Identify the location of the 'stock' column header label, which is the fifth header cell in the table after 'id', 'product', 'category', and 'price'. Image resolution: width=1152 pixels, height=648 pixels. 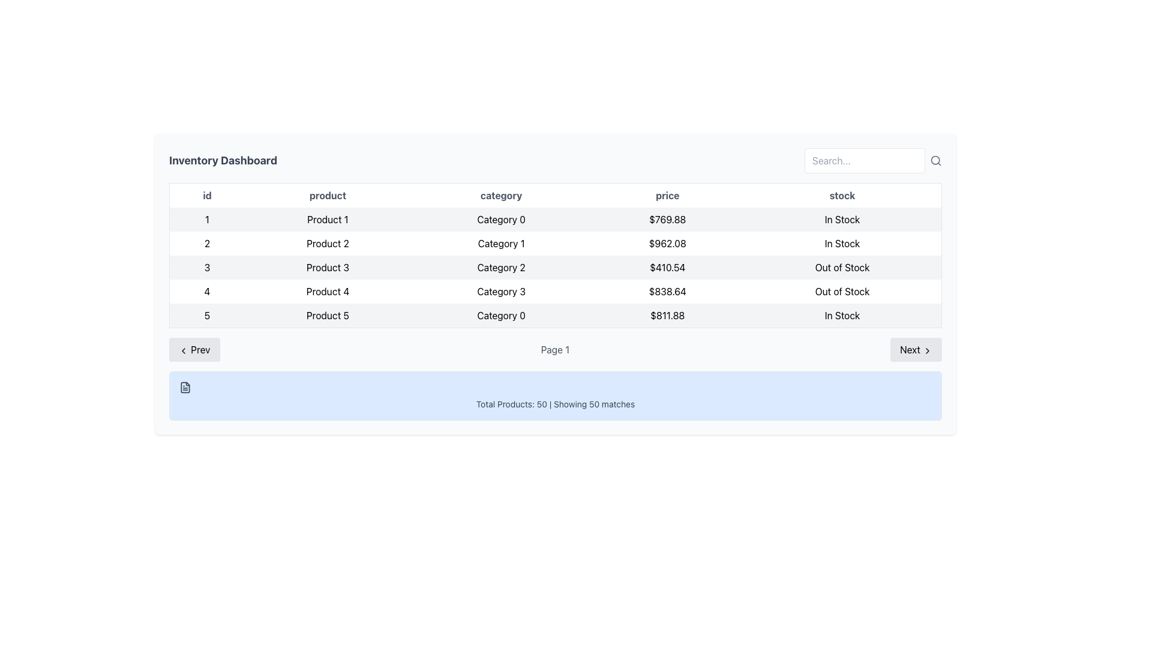
(842, 194).